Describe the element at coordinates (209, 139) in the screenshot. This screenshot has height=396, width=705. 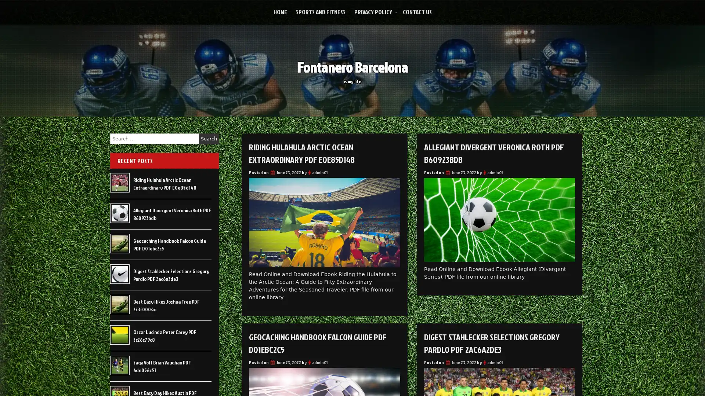
I see `Search` at that location.